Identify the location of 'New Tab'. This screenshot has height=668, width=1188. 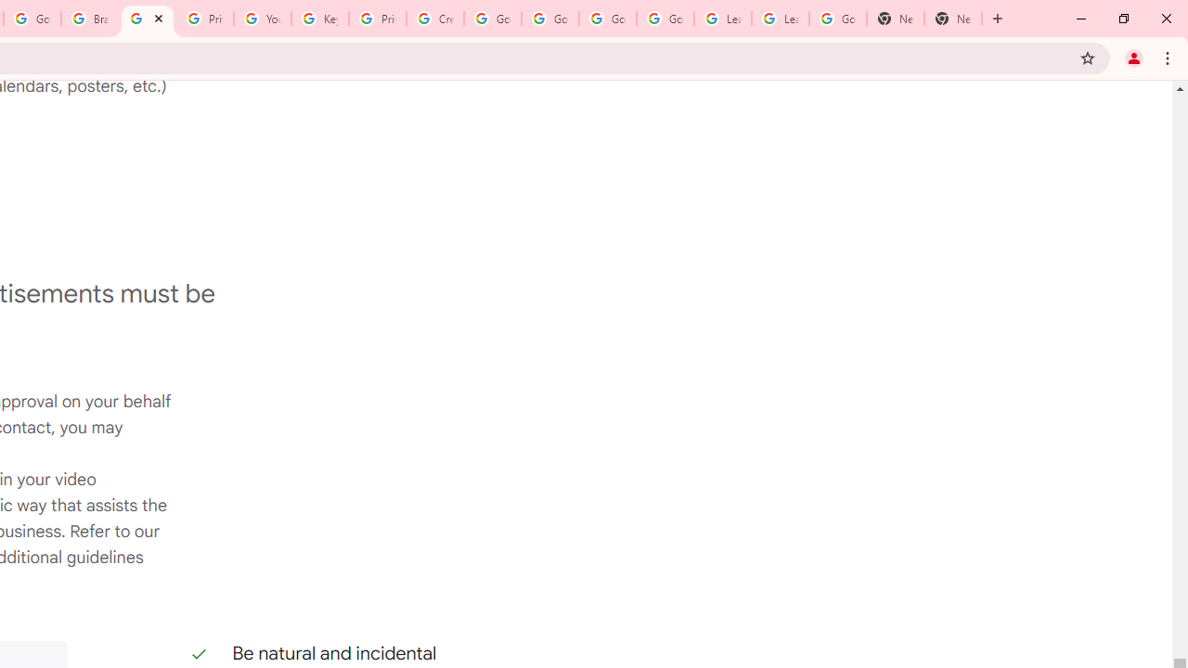
(953, 19).